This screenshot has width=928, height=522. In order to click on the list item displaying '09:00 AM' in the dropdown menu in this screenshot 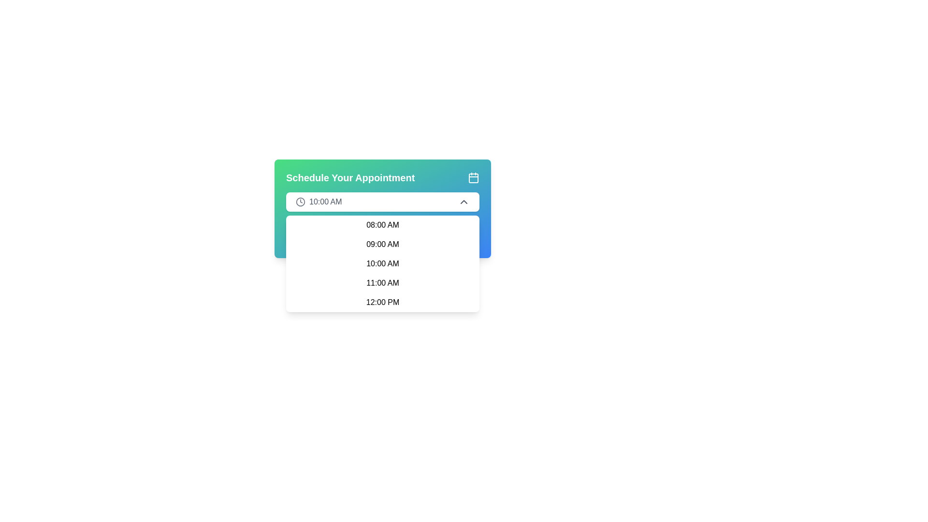, I will do `click(382, 244)`.